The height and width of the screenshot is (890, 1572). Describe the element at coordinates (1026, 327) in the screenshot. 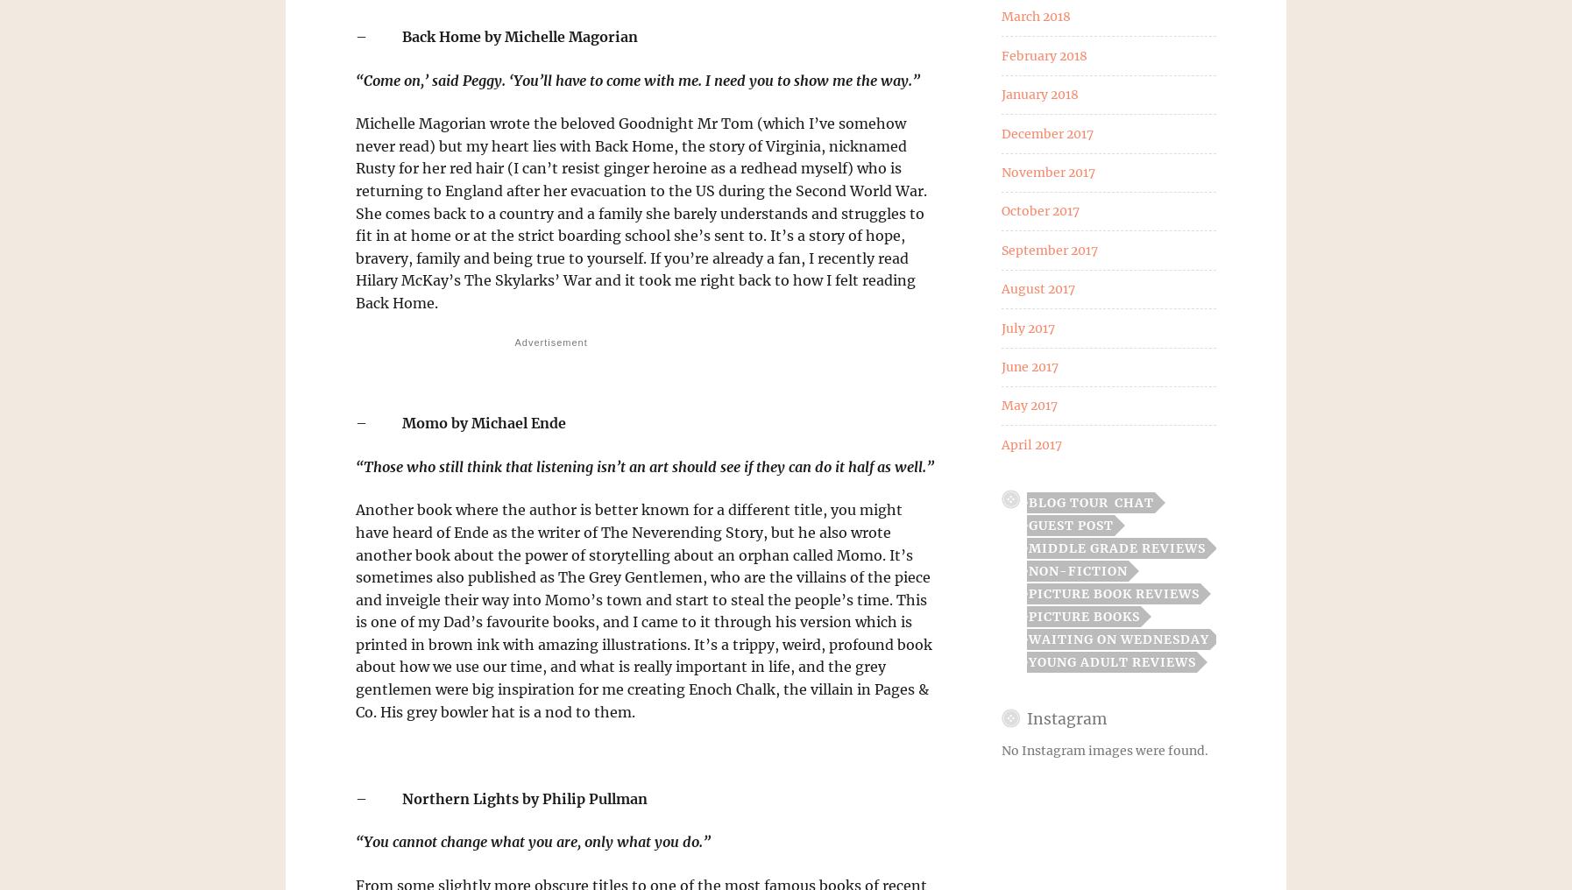

I see `'July 2017'` at that location.